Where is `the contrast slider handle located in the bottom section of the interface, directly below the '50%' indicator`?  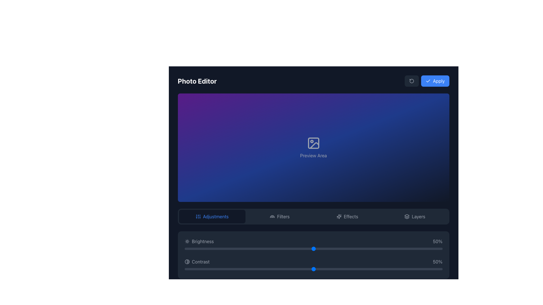 the contrast slider handle located in the bottom section of the interface, directly below the '50%' indicator is located at coordinates (313, 269).